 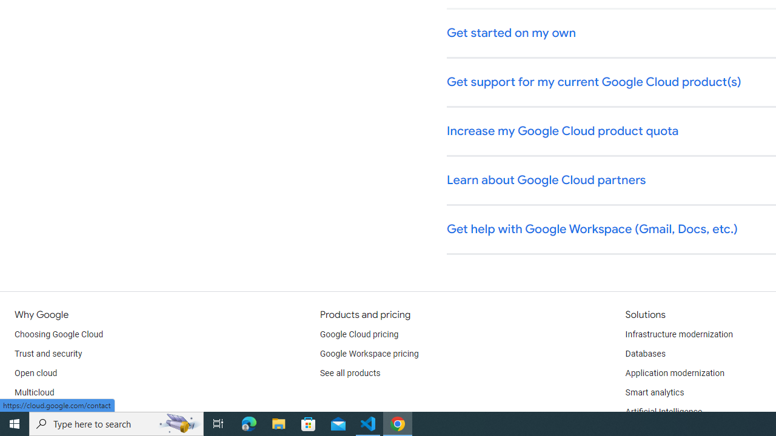 What do you see at coordinates (663, 412) in the screenshot?
I see `'Artificial Intelligence'` at bounding box center [663, 412].